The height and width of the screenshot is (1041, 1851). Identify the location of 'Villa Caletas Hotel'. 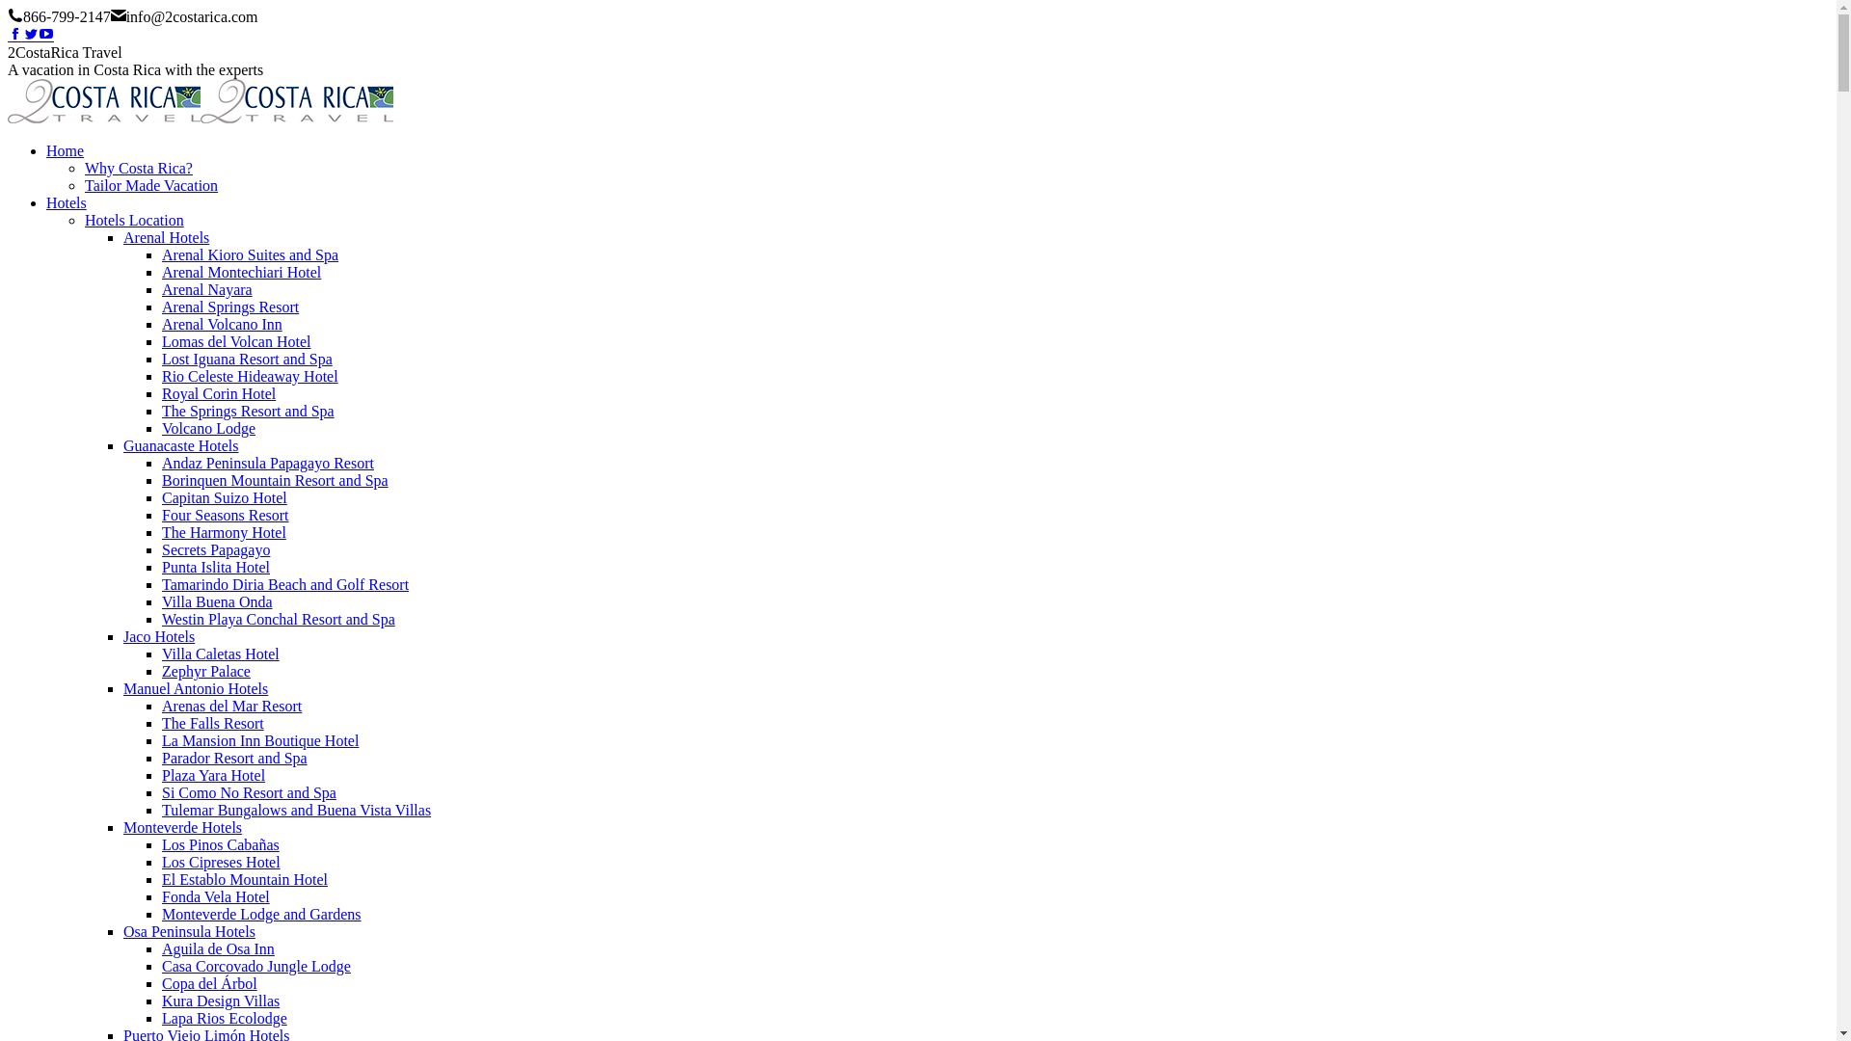
(221, 653).